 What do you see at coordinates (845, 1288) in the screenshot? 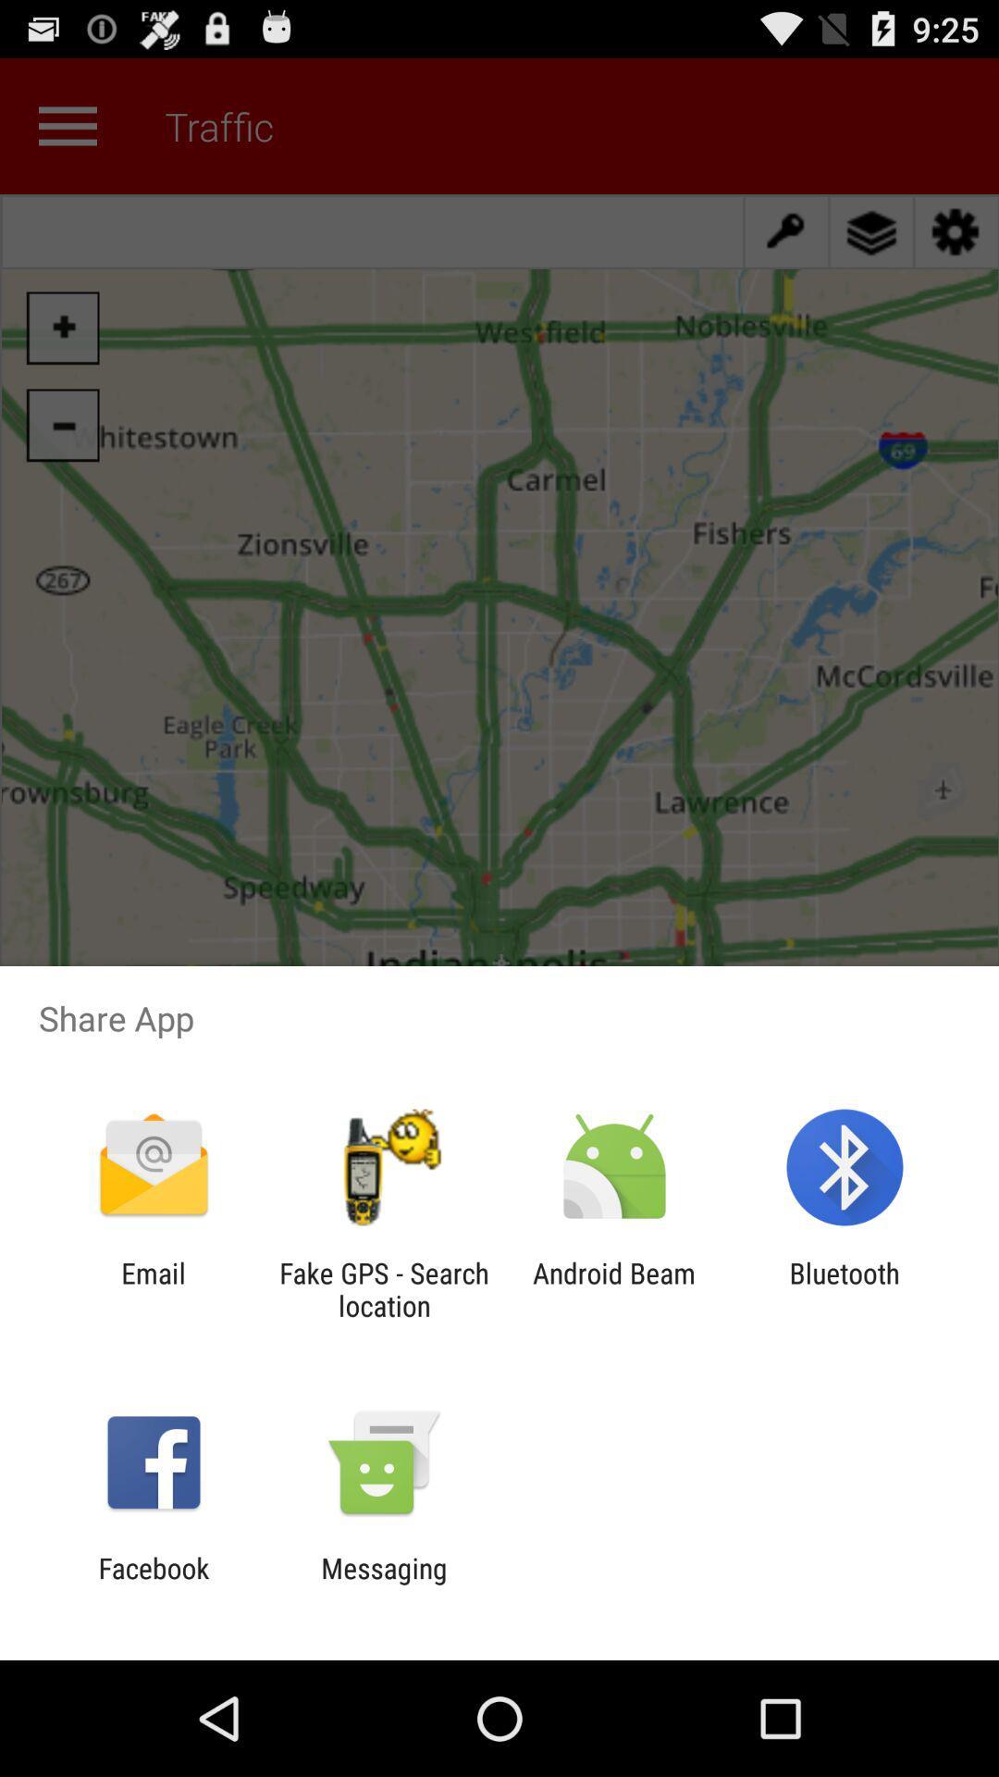
I see `bluetooth item` at bounding box center [845, 1288].